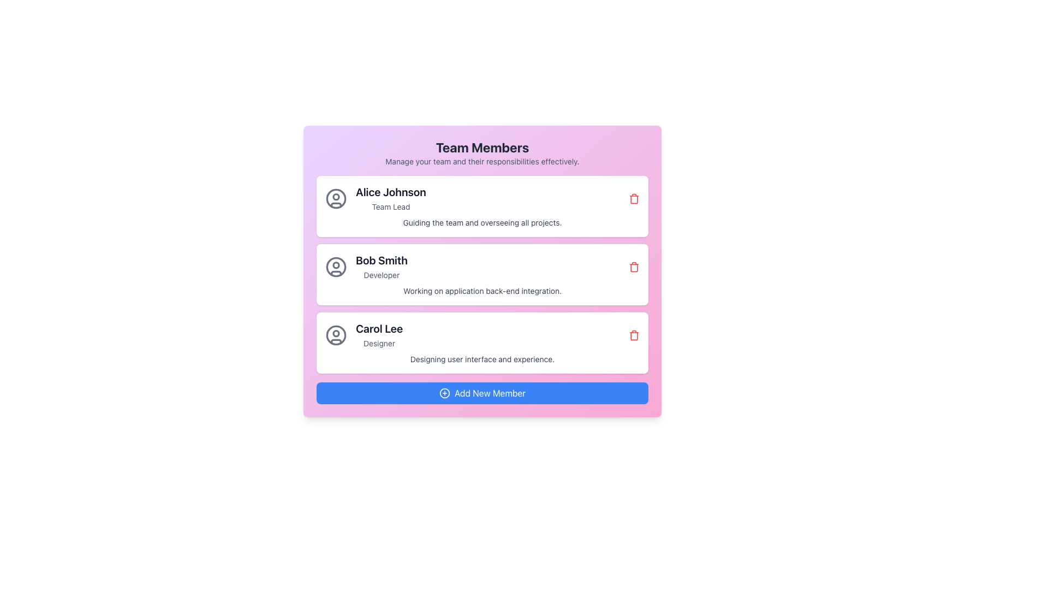  Describe the element at coordinates (481, 206) in the screenshot. I see `the Profile card representing 'Alice Johnson,' the team lead, located in the upper-middle part of the interface` at that location.